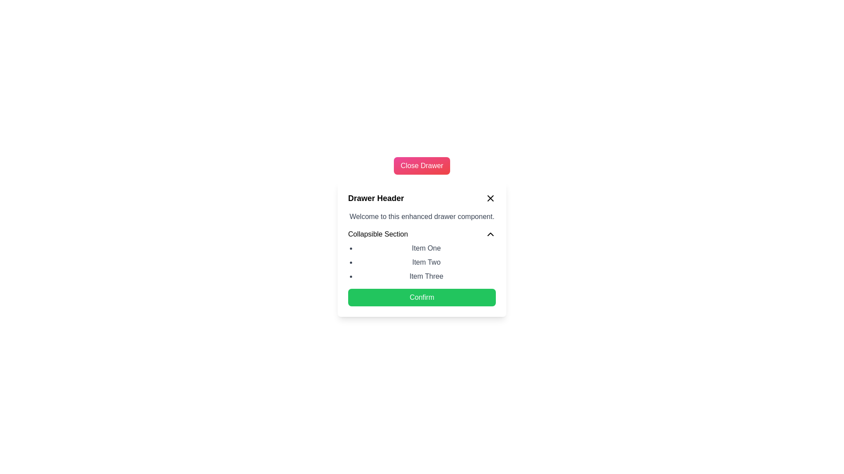 This screenshot has width=844, height=474. What do you see at coordinates (490, 233) in the screenshot?
I see `the Toggle Icon (Chevron) located on the far-right side of the header labeled 'Collapsible Section'` at bounding box center [490, 233].